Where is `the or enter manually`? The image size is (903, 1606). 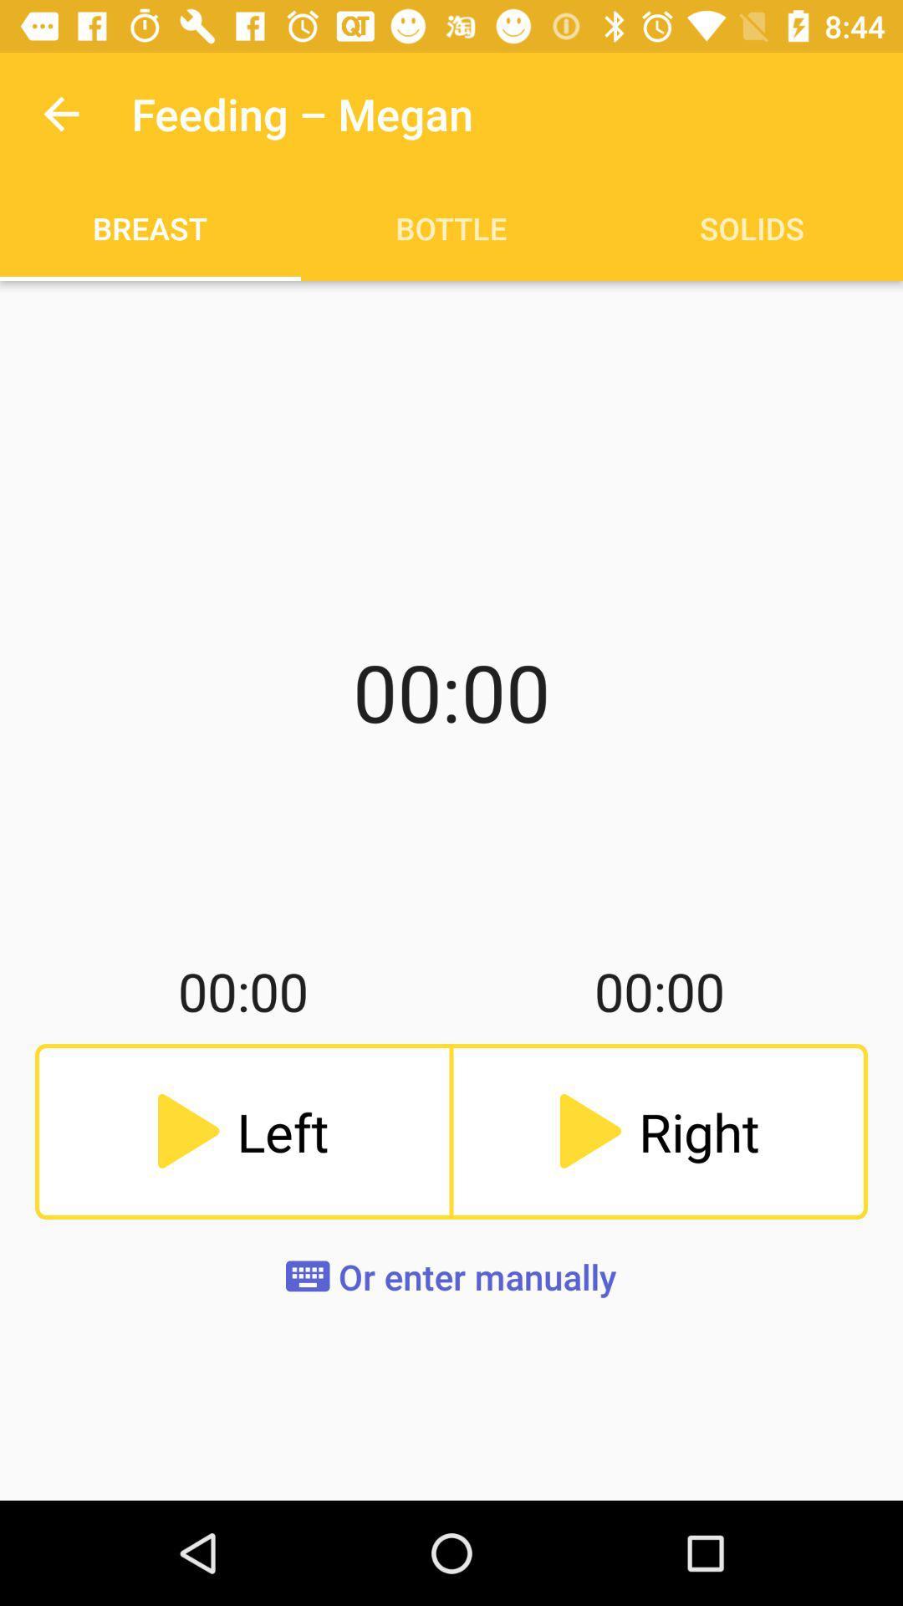 the or enter manually is located at coordinates (450, 1276).